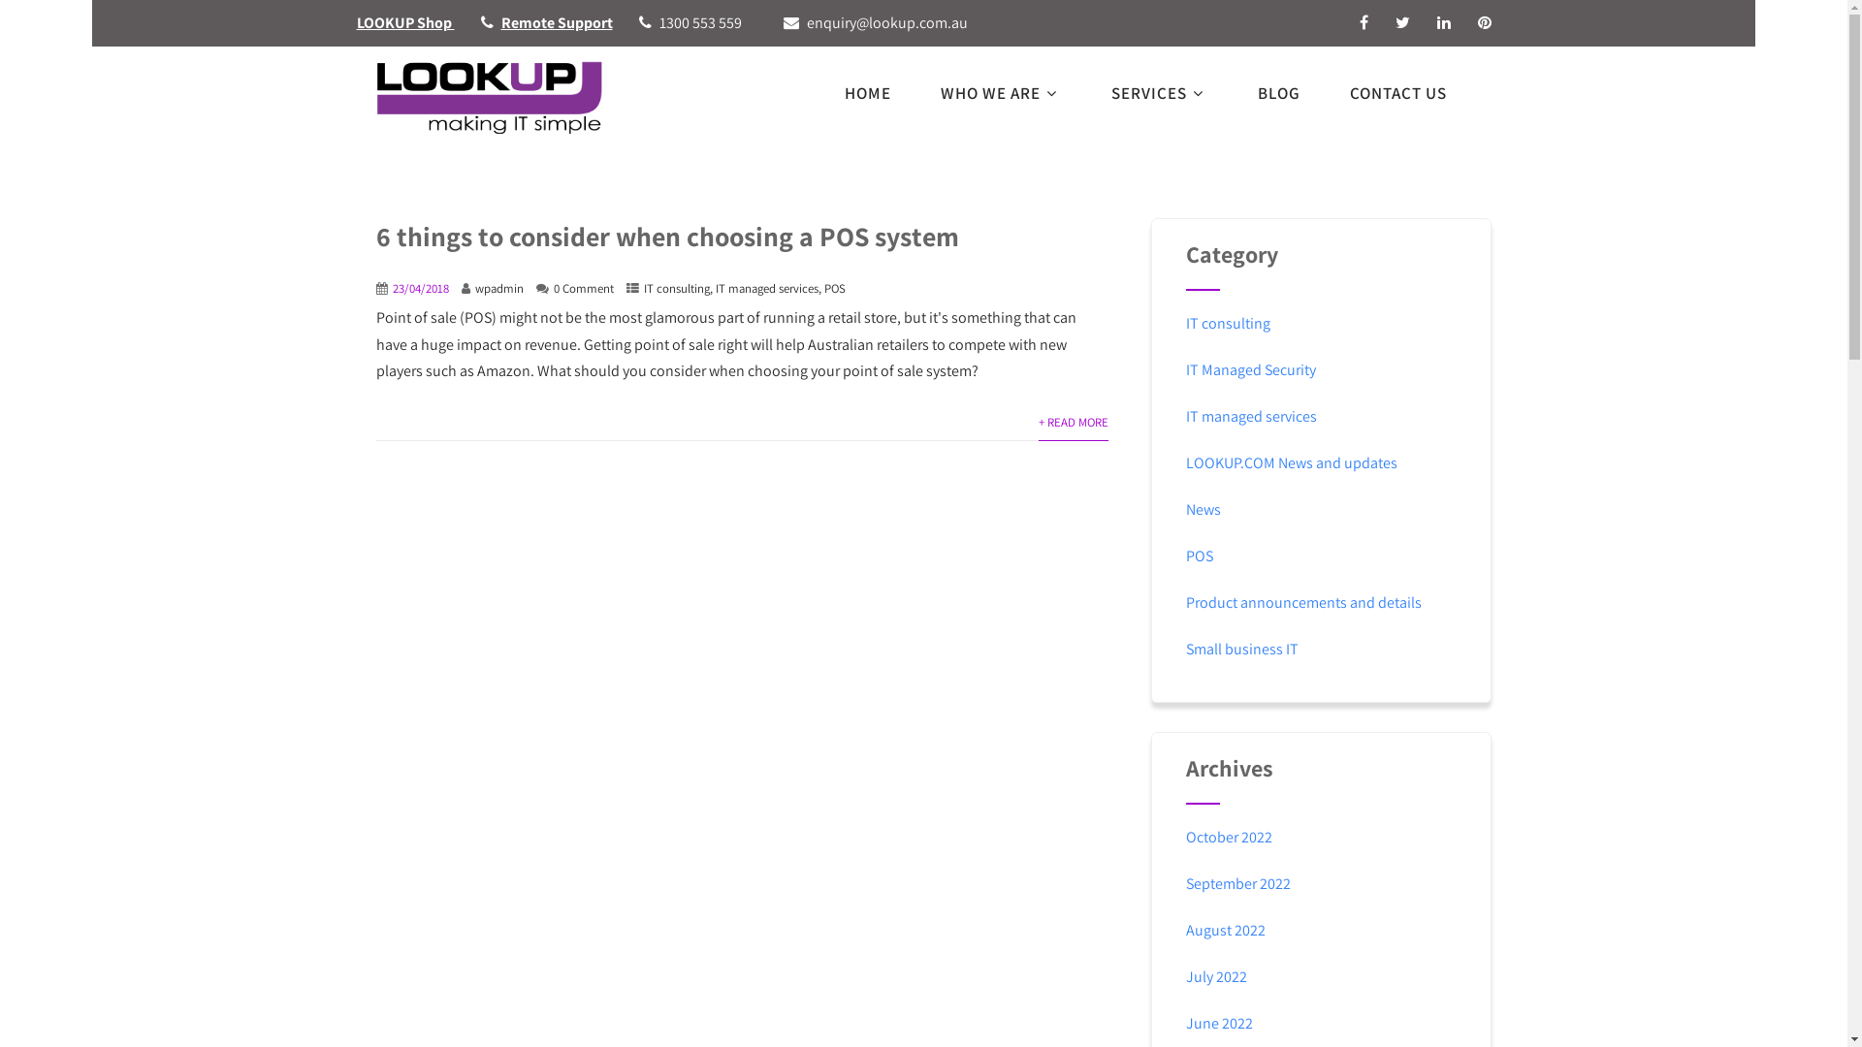 The height and width of the screenshot is (1047, 1862). I want to click on 'Remote Support', so click(555, 22).